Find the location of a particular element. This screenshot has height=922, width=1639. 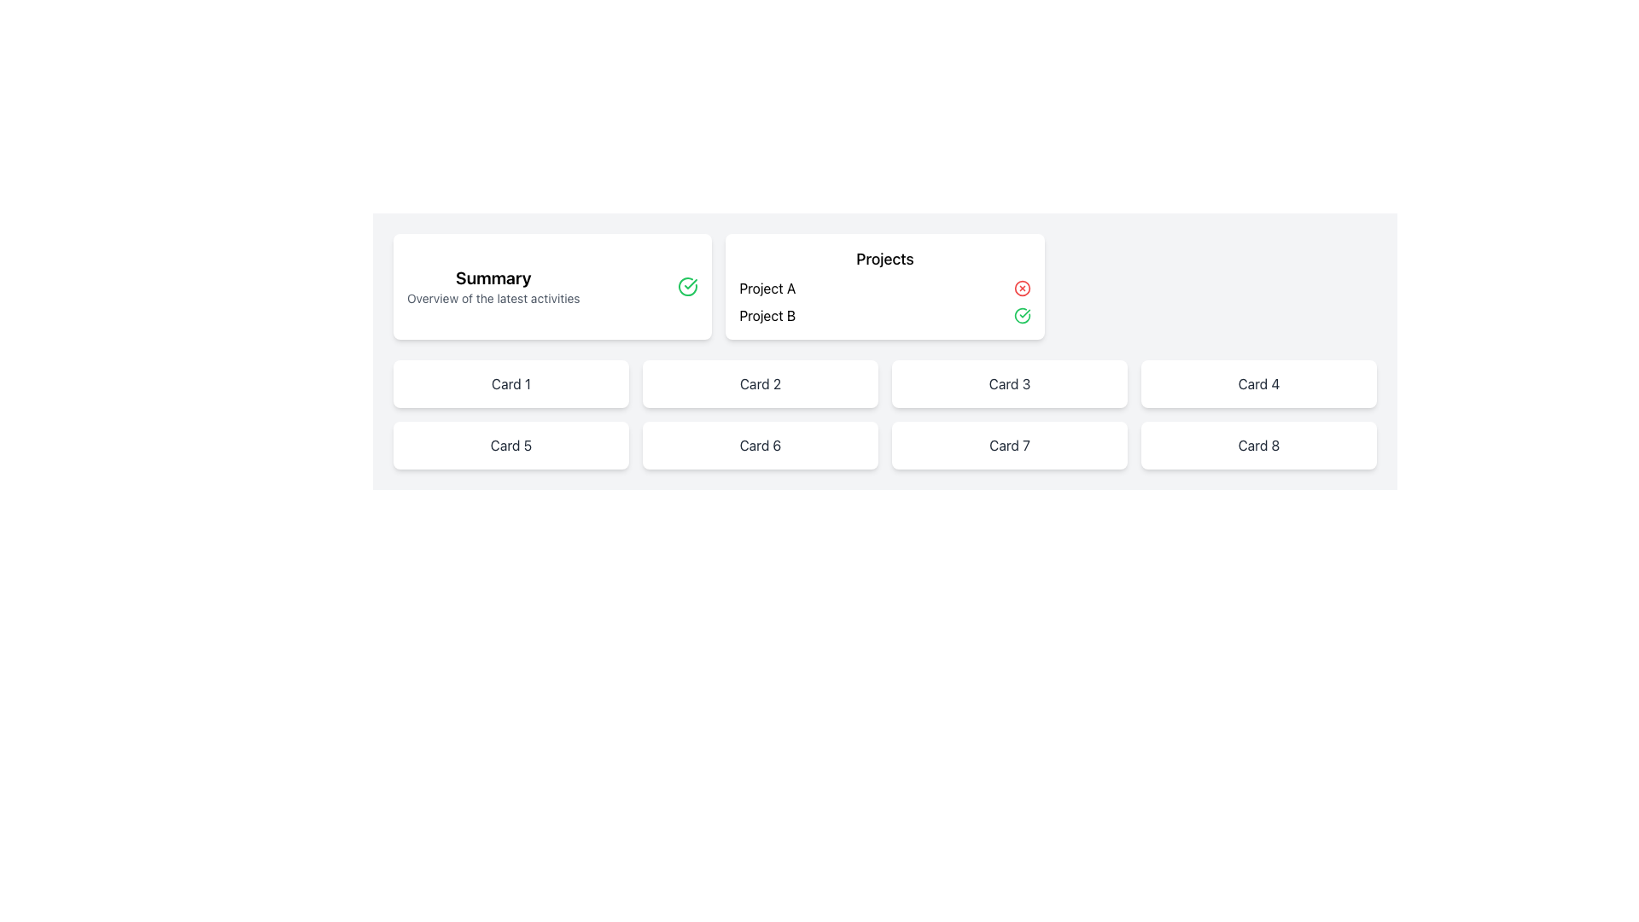

the delete icon button located next to 'Project A' in the Projects section is located at coordinates (1022, 288).